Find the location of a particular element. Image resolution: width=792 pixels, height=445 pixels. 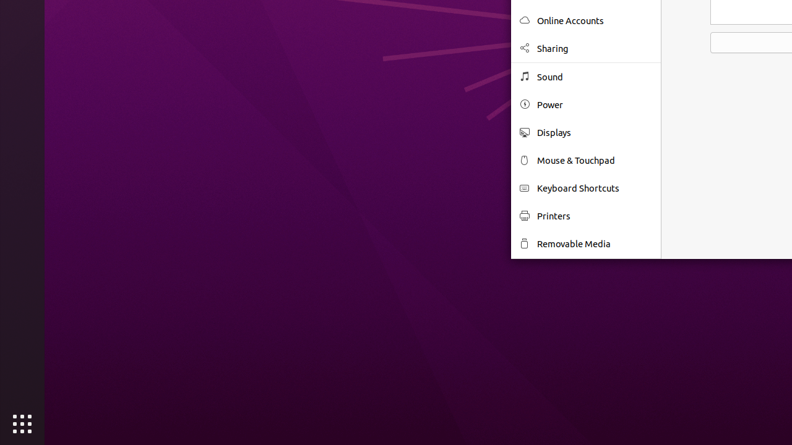

'Power' is located at coordinates (595, 104).